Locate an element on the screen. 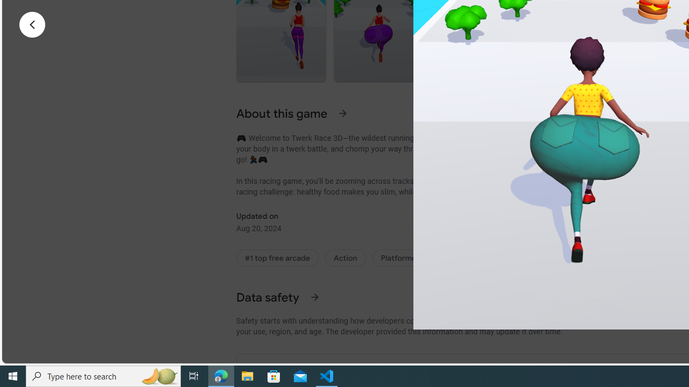 The height and width of the screenshot is (387, 689). 'Action' is located at coordinates (345, 258).